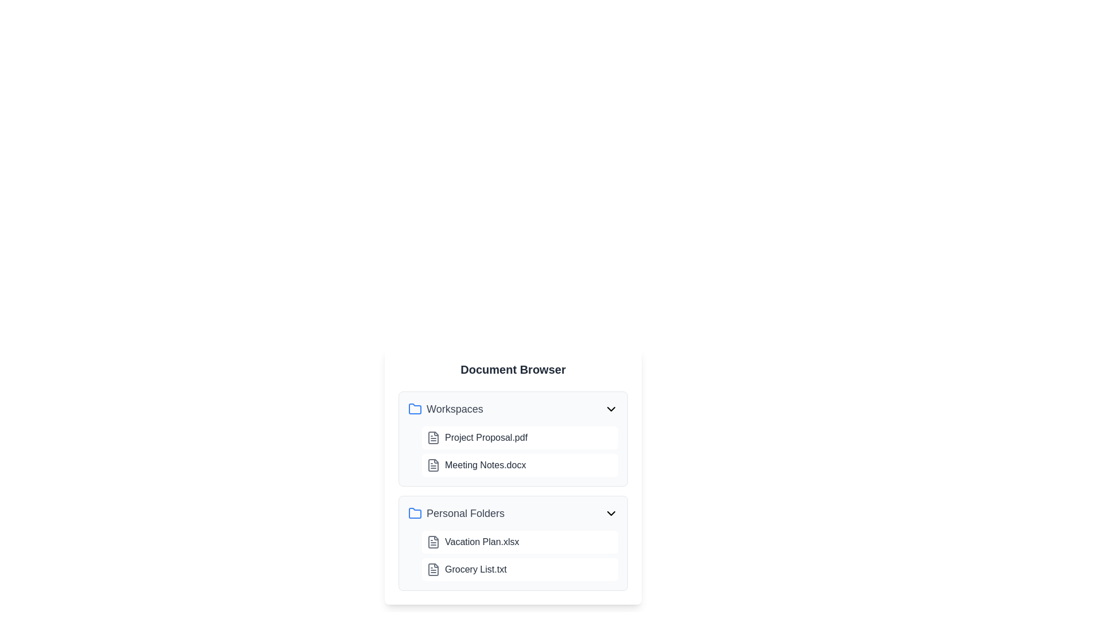 The width and height of the screenshot is (1101, 619). I want to click on the 'Personal Folders' text in the blue folder entry, so click(456, 512).